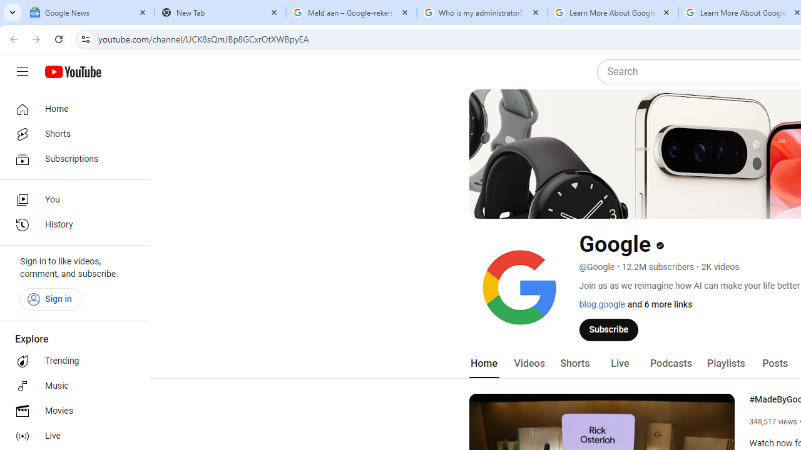  What do you see at coordinates (670, 363) in the screenshot?
I see `'Podcasts'` at bounding box center [670, 363].